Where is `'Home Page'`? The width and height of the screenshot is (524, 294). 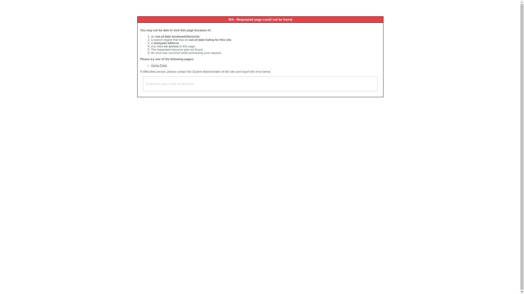
'Home Page' is located at coordinates (159, 65).